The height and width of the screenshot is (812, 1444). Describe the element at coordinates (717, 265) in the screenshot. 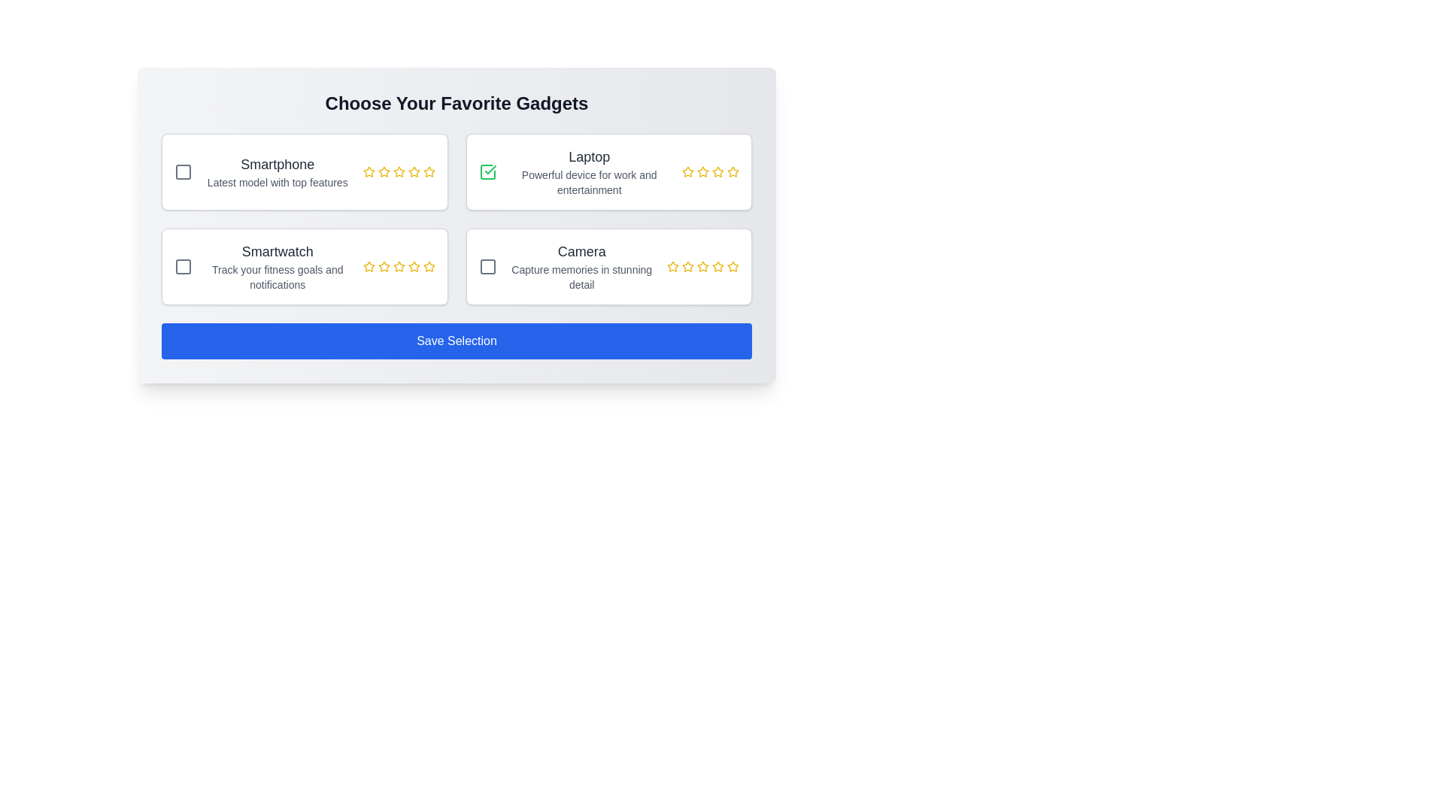

I see `the fourth star icon representing the rating for the 'Camera' item` at that location.